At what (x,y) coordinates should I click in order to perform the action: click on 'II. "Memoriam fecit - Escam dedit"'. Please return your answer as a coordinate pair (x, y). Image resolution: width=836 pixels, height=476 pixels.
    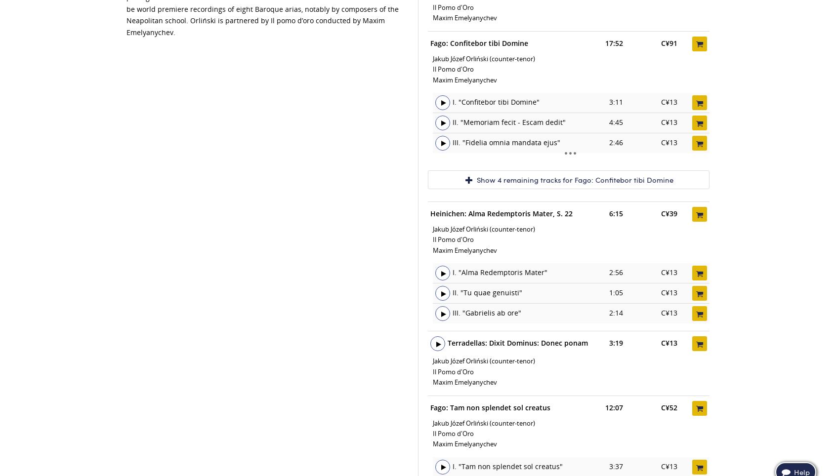
    Looking at the image, I should click on (508, 121).